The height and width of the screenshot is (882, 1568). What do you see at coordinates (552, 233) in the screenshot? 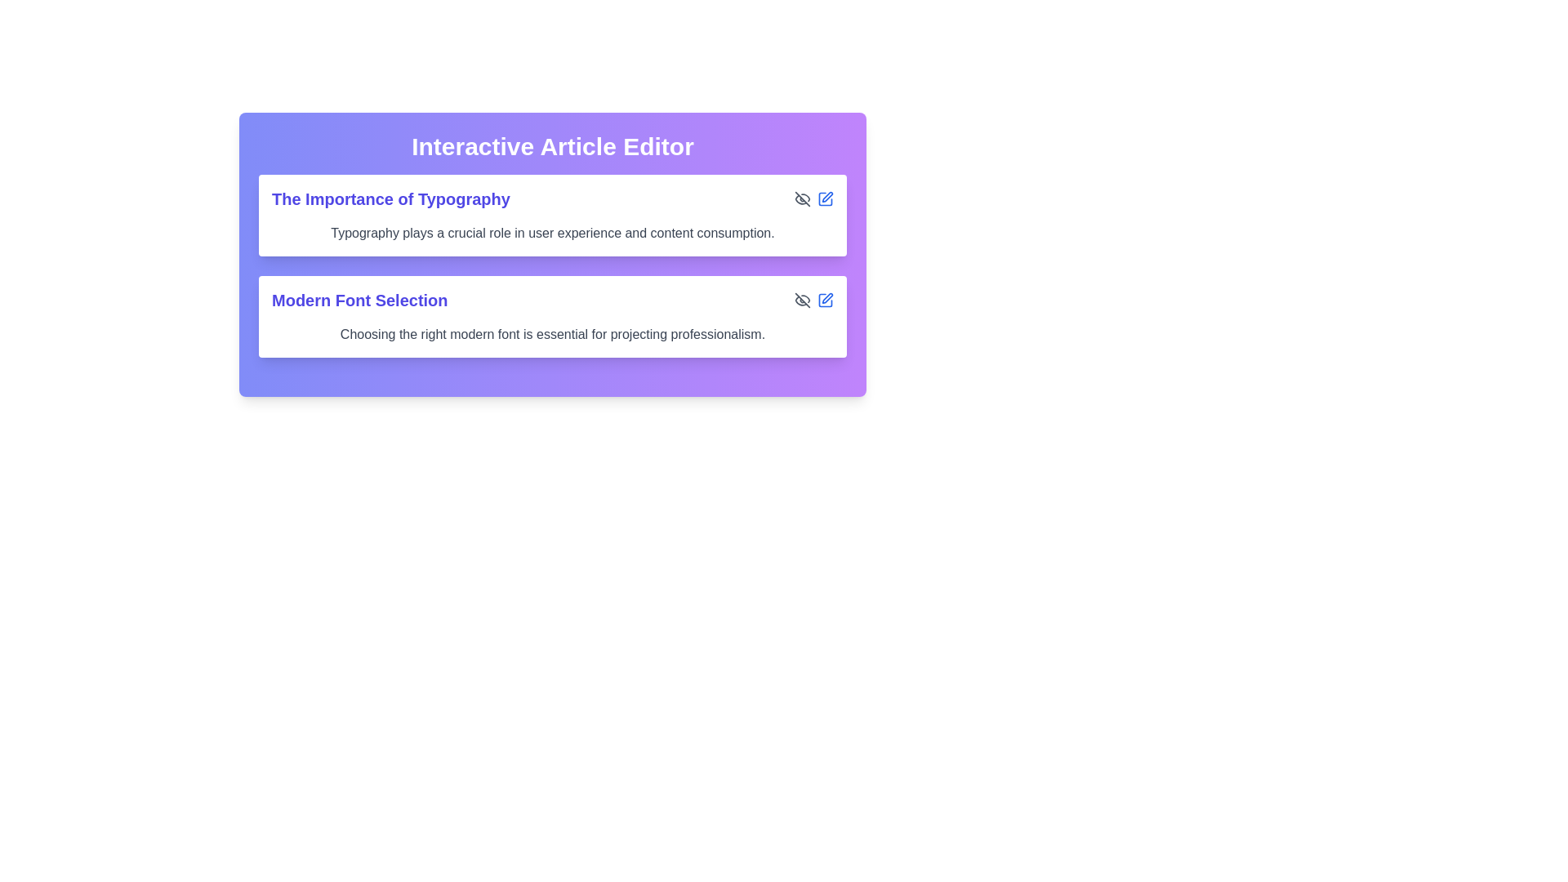
I see `the text block that provides contextual information about 'The Importance of Typography', positioned beneath the title within the card` at bounding box center [552, 233].